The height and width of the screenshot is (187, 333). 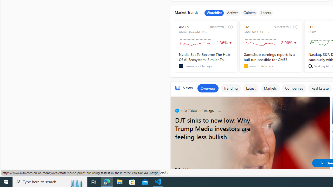 What do you see at coordinates (295, 27) in the screenshot?
I see `'add to watchlist'` at bounding box center [295, 27].